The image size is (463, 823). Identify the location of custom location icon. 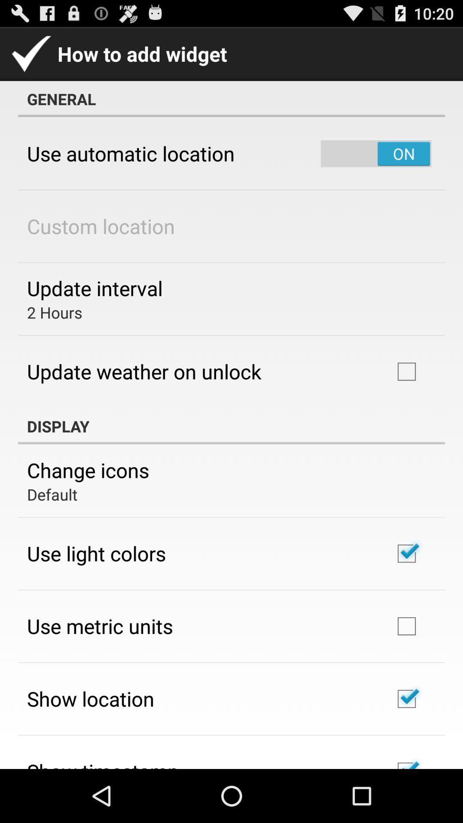
(100, 226).